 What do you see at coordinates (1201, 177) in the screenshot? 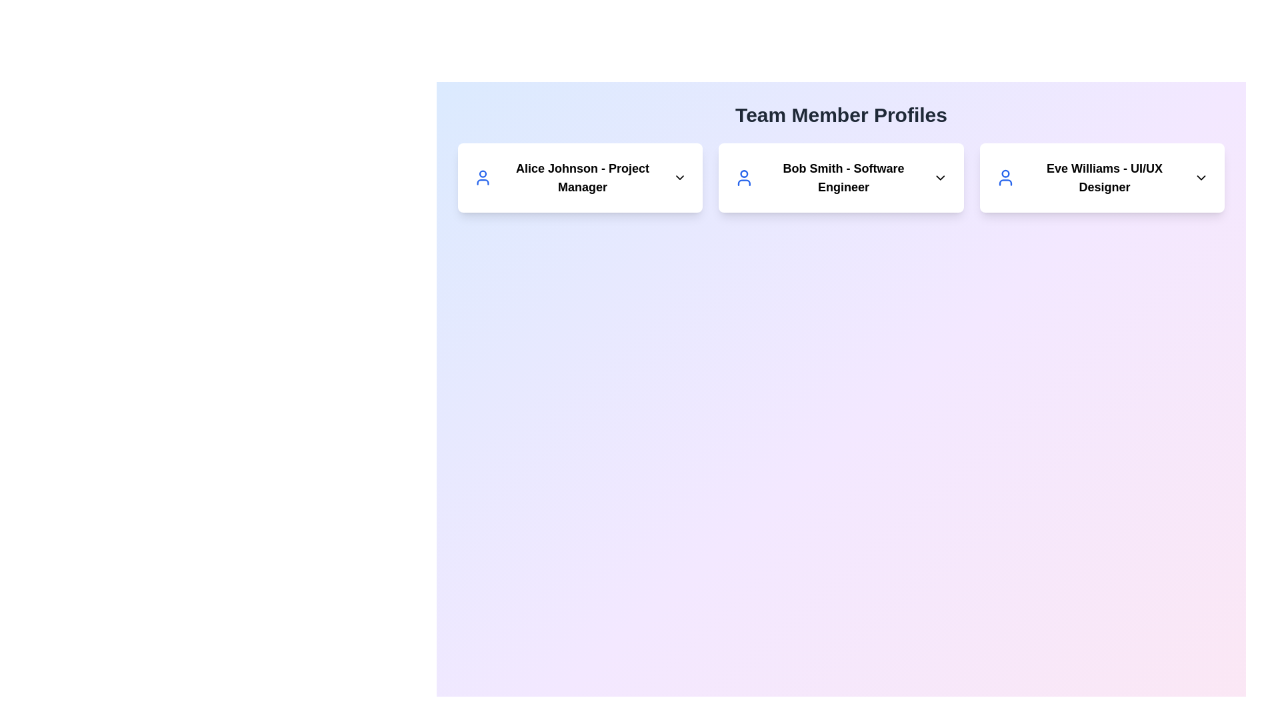
I see `the chevron icon next to 'Eve Williams - UI/UX Designer'` at bounding box center [1201, 177].